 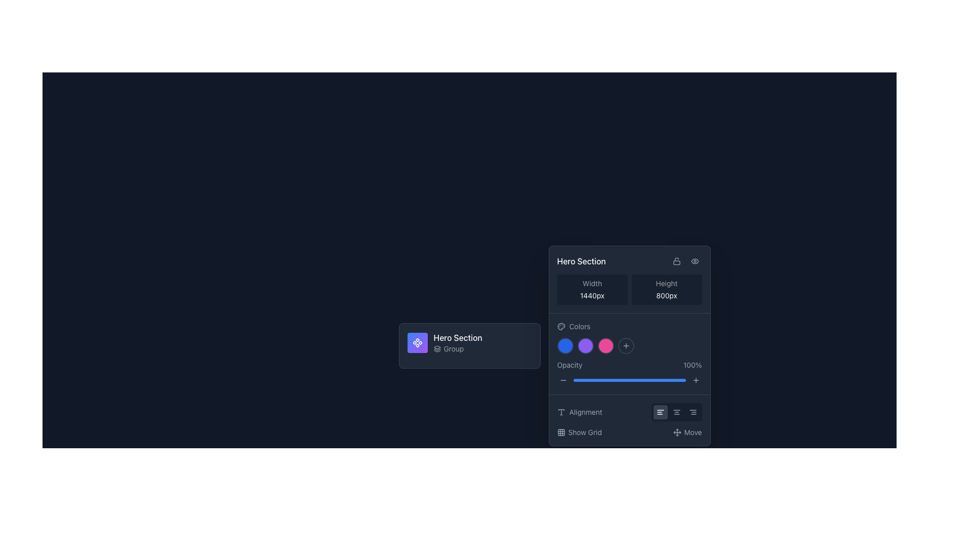 I want to click on the plus-shaped icon button located at the bottom-right of the visible section, so click(x=695, y=380).